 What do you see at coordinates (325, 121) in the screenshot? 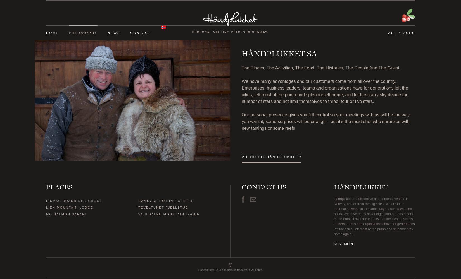
I see `'Our personal presence gives you full control so your meetings with us will be the way you want it, some surprises will be enough – but it’s the most chef who surprises with new tastings or some reefs'` at bounding box center [325, 121].